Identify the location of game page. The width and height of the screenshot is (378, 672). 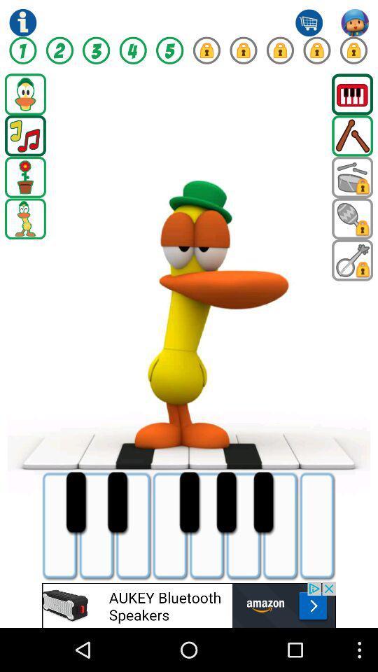
(280, 50).